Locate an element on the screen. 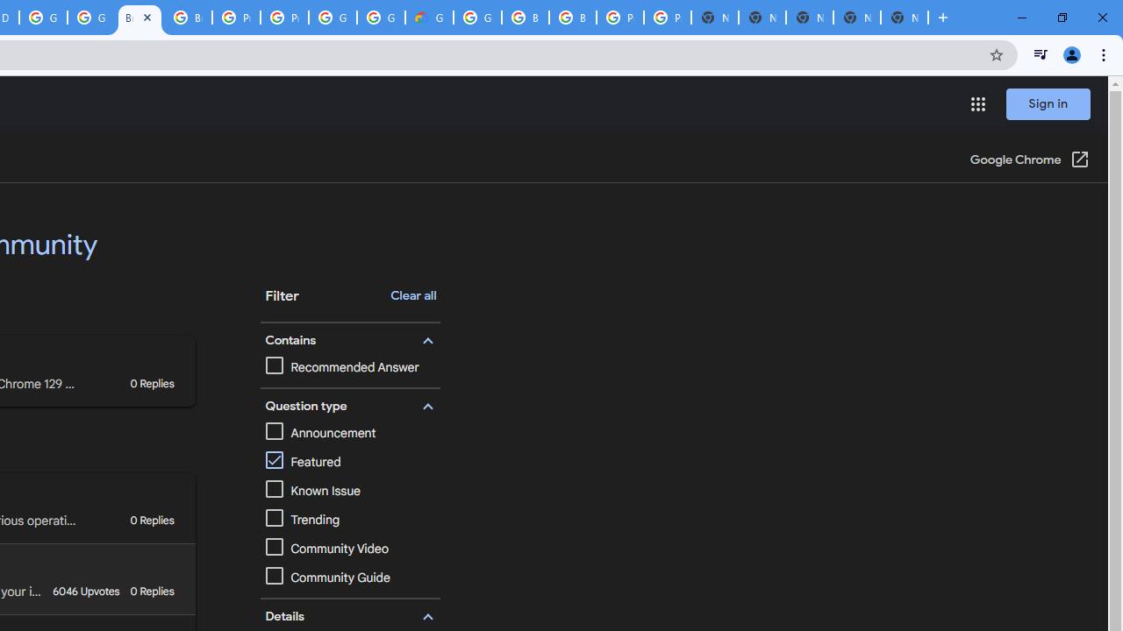  'Community Video' is located at coordinates (350, 548).